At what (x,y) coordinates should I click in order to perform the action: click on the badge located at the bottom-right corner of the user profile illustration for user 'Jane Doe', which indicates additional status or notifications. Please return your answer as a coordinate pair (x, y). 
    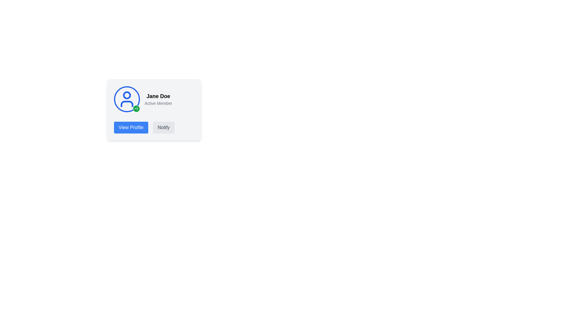
    Looking at the image, I should click on (126, 99).